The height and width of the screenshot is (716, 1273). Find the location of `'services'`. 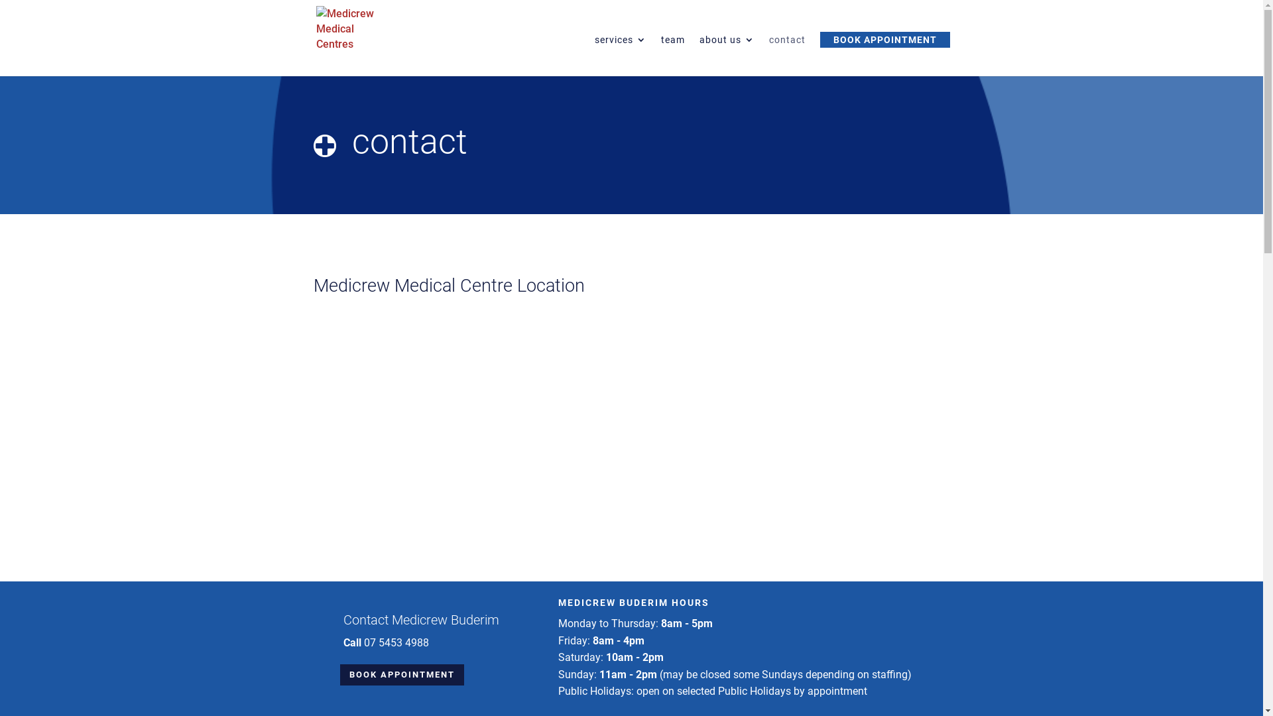

'services' is located at coordinates (593, 55).